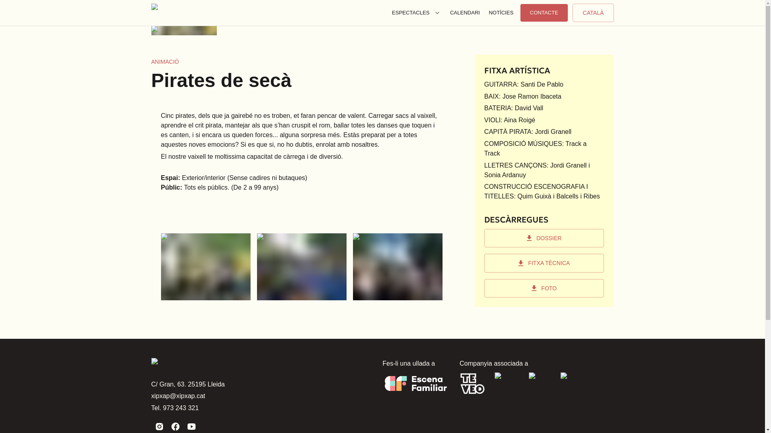 This screenshot has height=433, width=771. What do you see at coordinates (465, 13) in the screenshot?
I see `'CALENDARI'` at bounding box center [465, 13].